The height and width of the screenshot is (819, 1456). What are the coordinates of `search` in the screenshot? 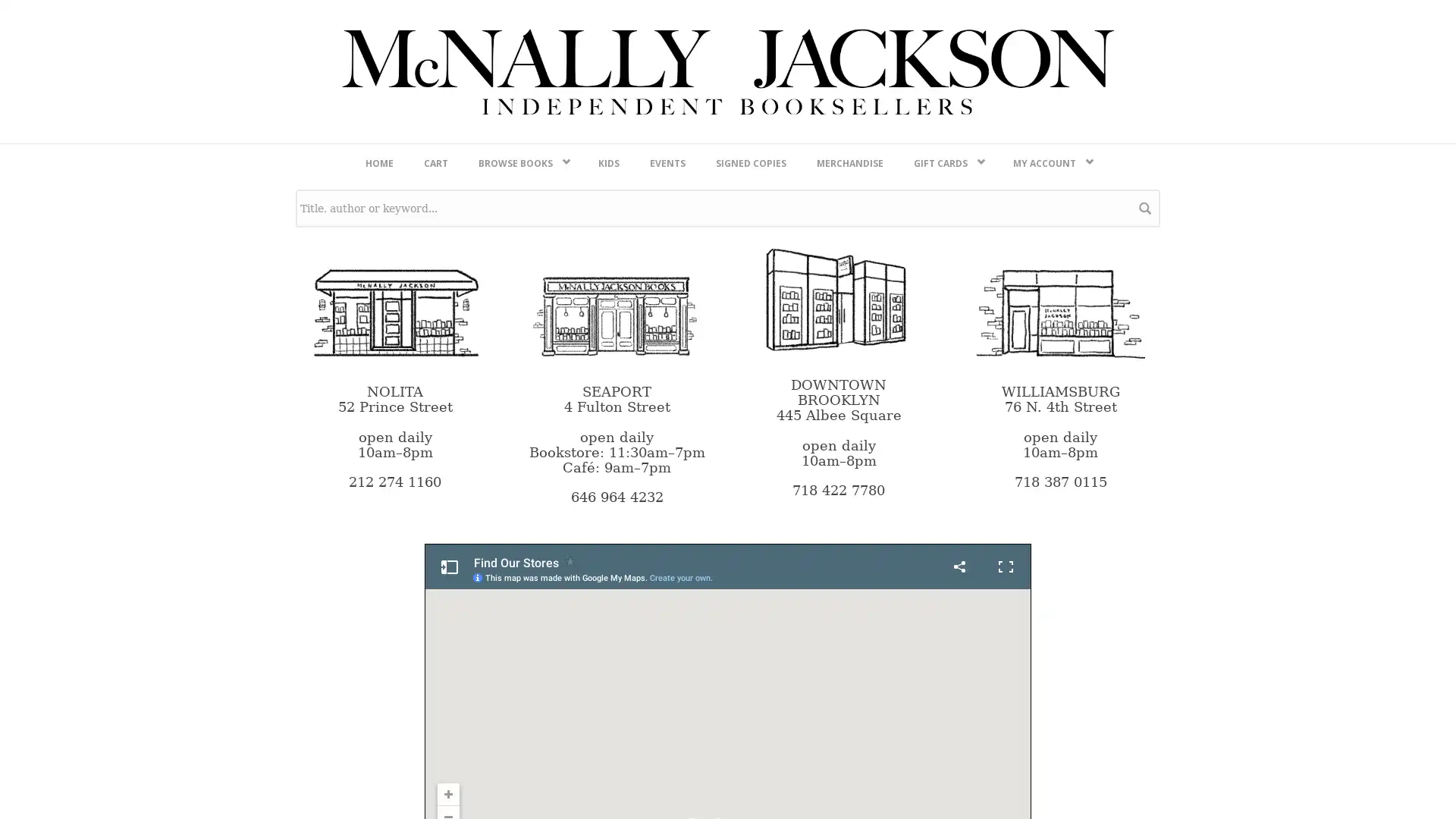 It's located at (1145, 607).